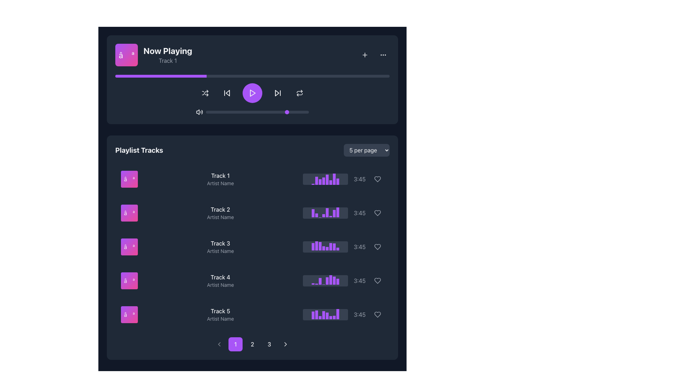  I want to click on the second purple bar in the histogram-like arrangement within the 'Playlist Tracks' section, so click(316, 180).